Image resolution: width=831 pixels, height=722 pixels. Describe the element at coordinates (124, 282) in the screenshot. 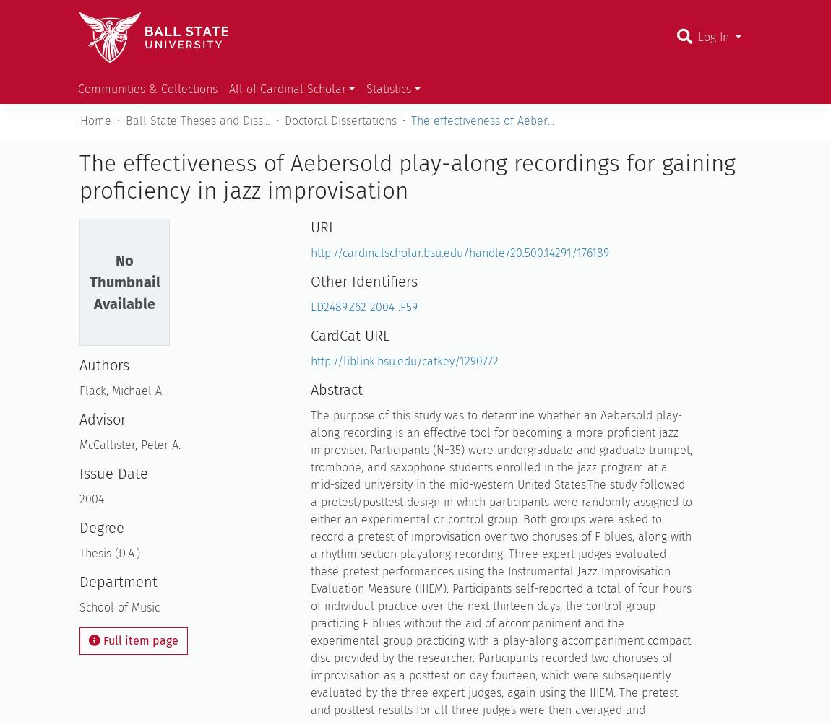

I see `'No Thumbnail Available'` at that location.